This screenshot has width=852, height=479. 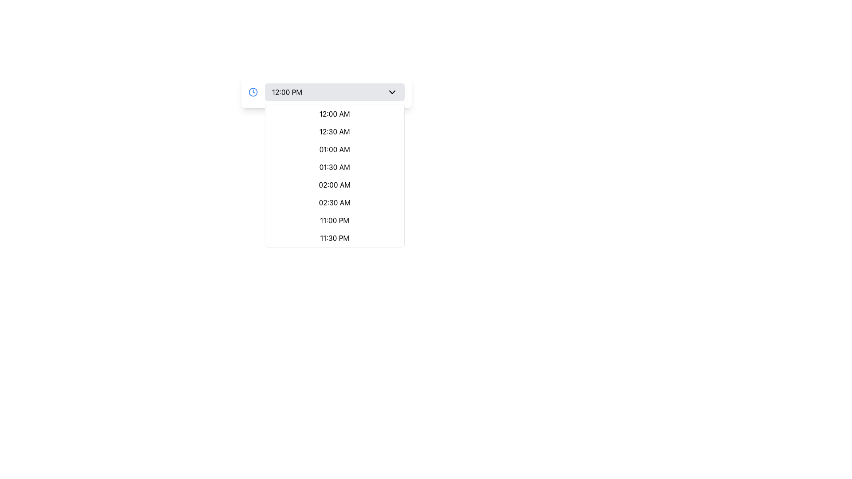 What do you see at coordinates (252, 92) in the screenshot?
I see `the blue clock icon located to the left of the dropdown menu displaying '12:00 PM'` at bounding box center [252, 92].